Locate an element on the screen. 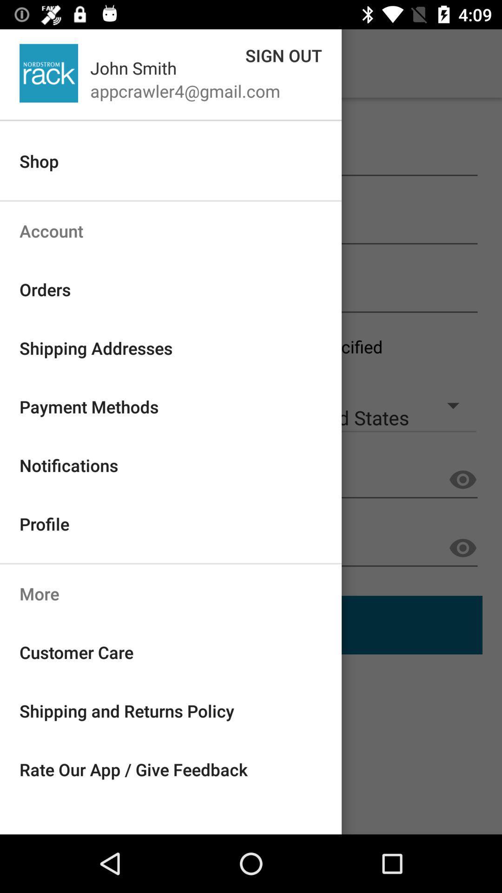  the visibility icon is located at coordinates (462, 548).